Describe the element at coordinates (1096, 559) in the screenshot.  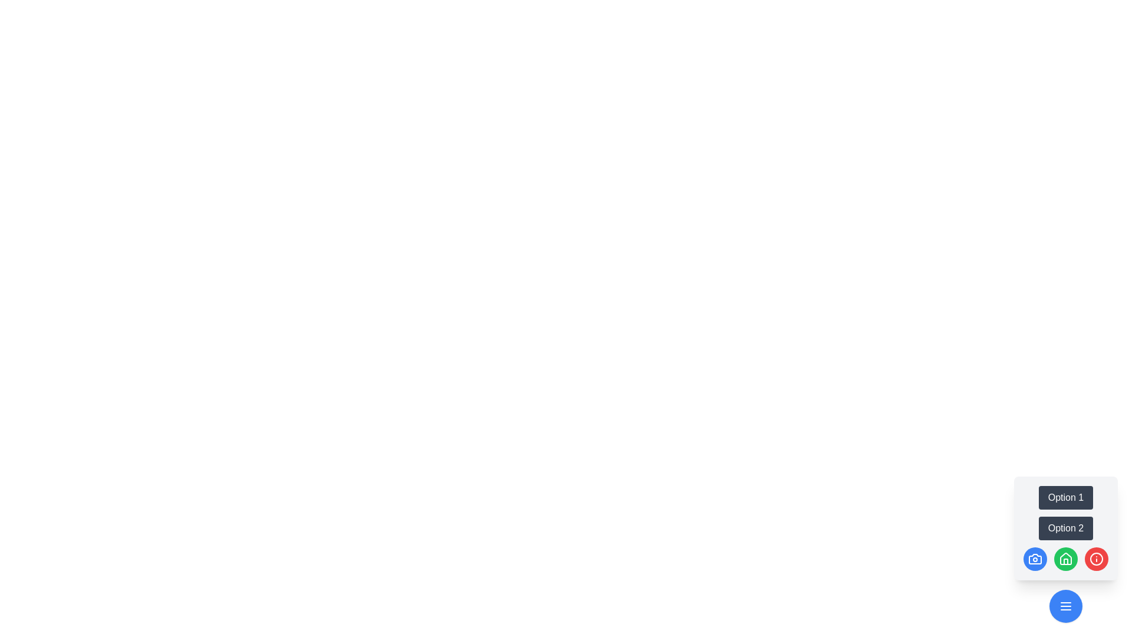
I see `the SVG circle graphic that is part of an icon located towards the bottom right of the interface` at that location.